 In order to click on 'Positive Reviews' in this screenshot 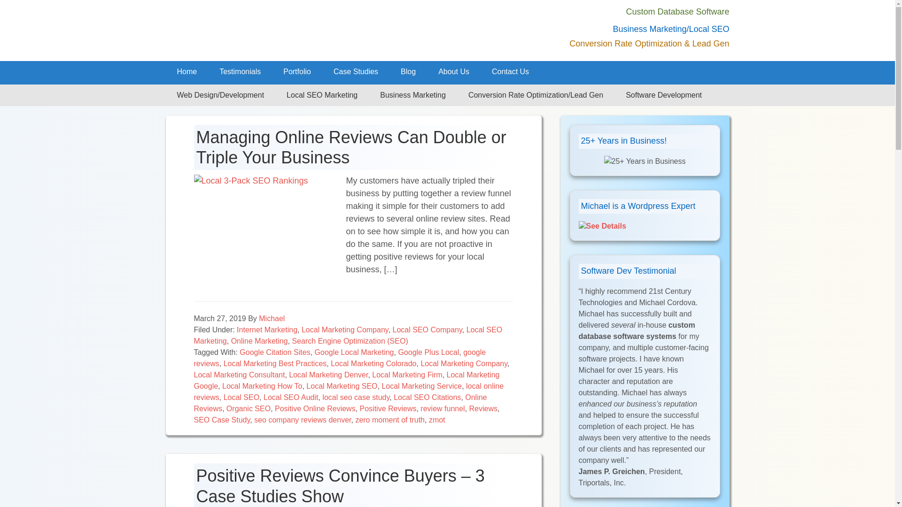, I will do `click(388, 408)`.